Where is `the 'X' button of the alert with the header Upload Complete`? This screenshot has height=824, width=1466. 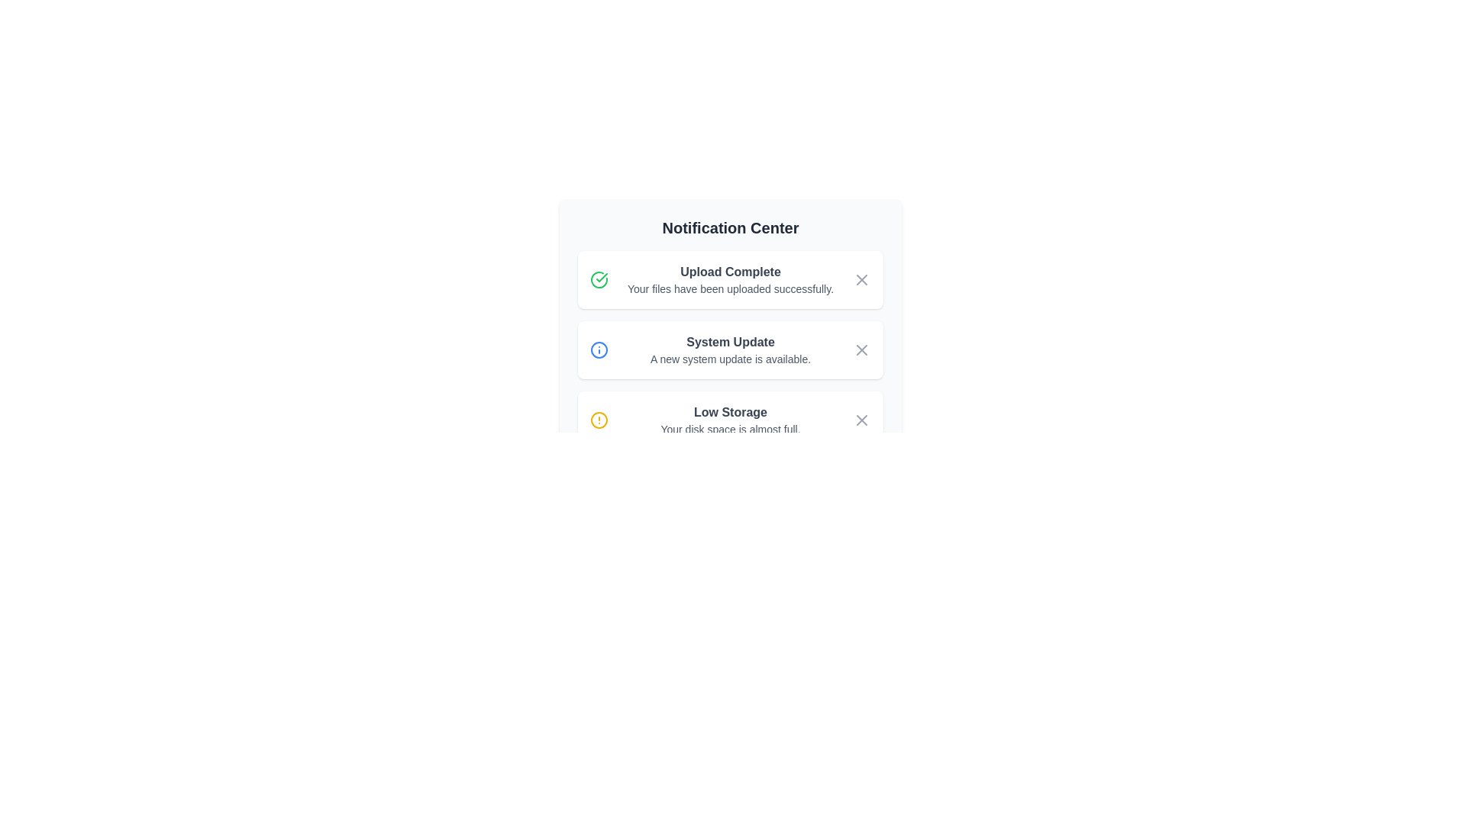
the 'X' button of the alert with the header Upload Complete is located at coordinates (861, 279).